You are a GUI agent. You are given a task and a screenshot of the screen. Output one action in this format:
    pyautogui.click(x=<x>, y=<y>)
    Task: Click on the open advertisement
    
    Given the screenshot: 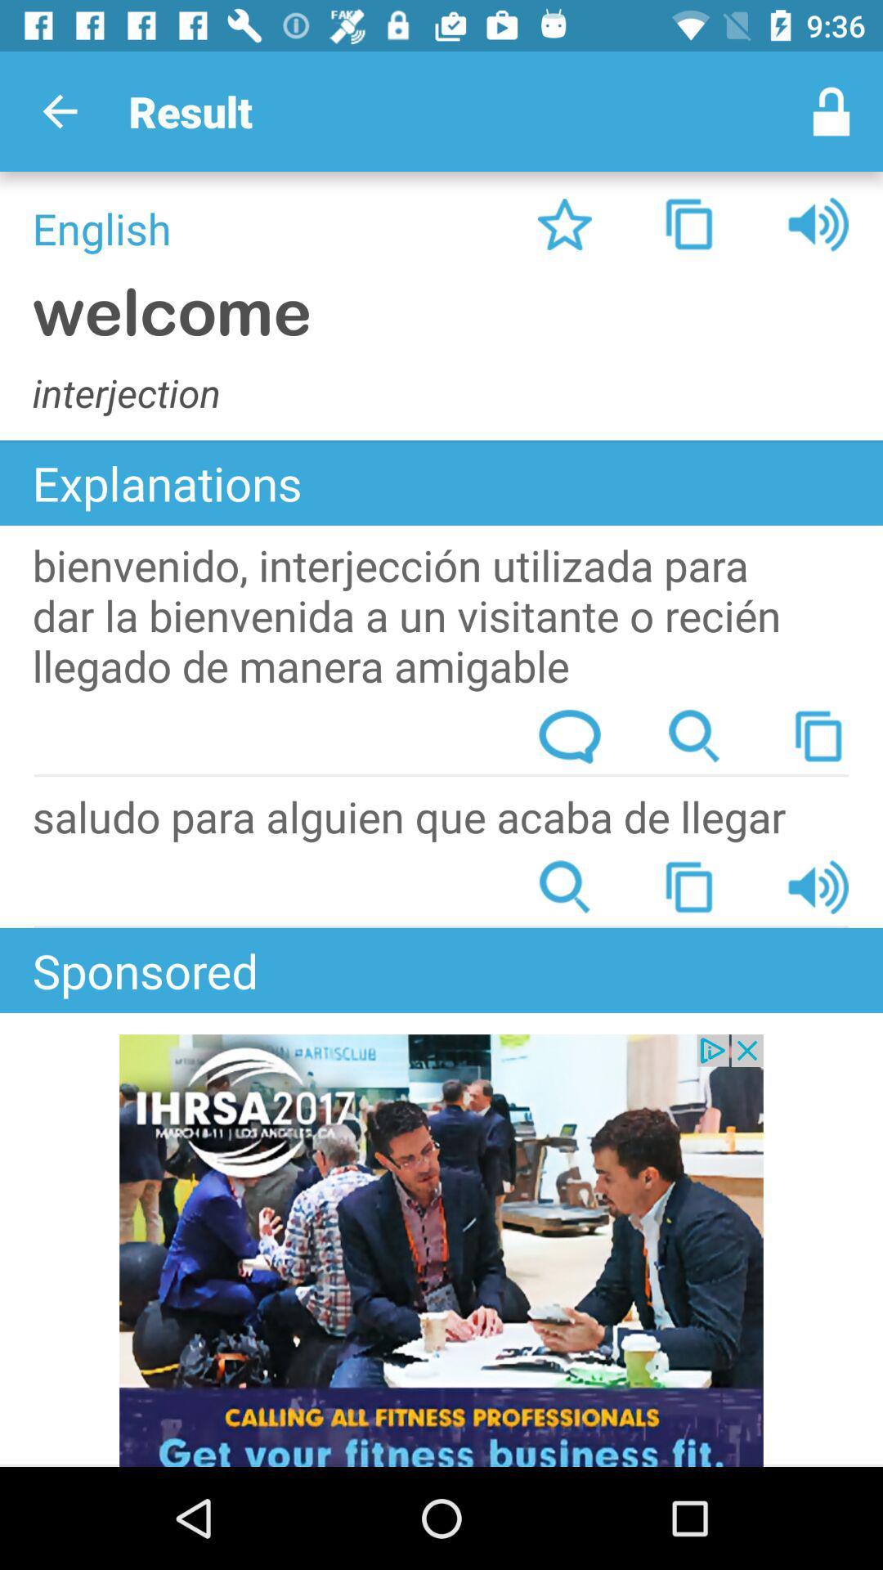 What is the action you would take?
    pyautogui.click(x=441, y=1249)
    